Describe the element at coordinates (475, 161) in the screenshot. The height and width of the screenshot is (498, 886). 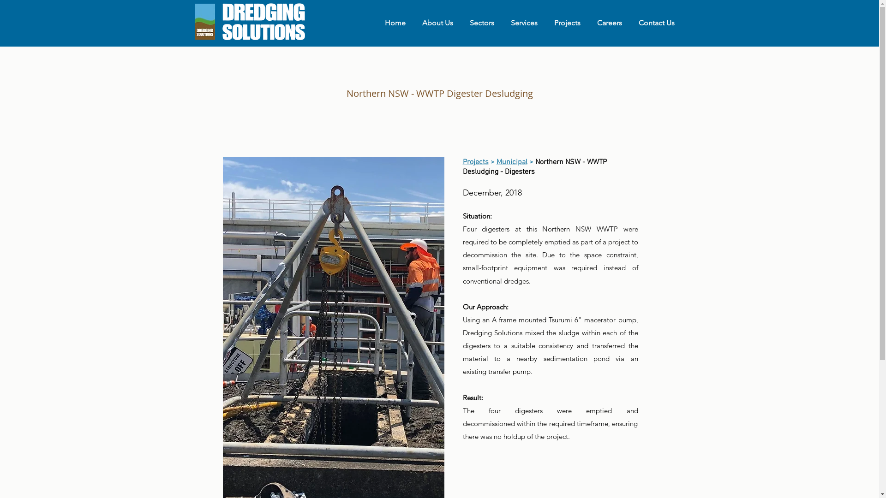
I see `'Projects'` at that location.